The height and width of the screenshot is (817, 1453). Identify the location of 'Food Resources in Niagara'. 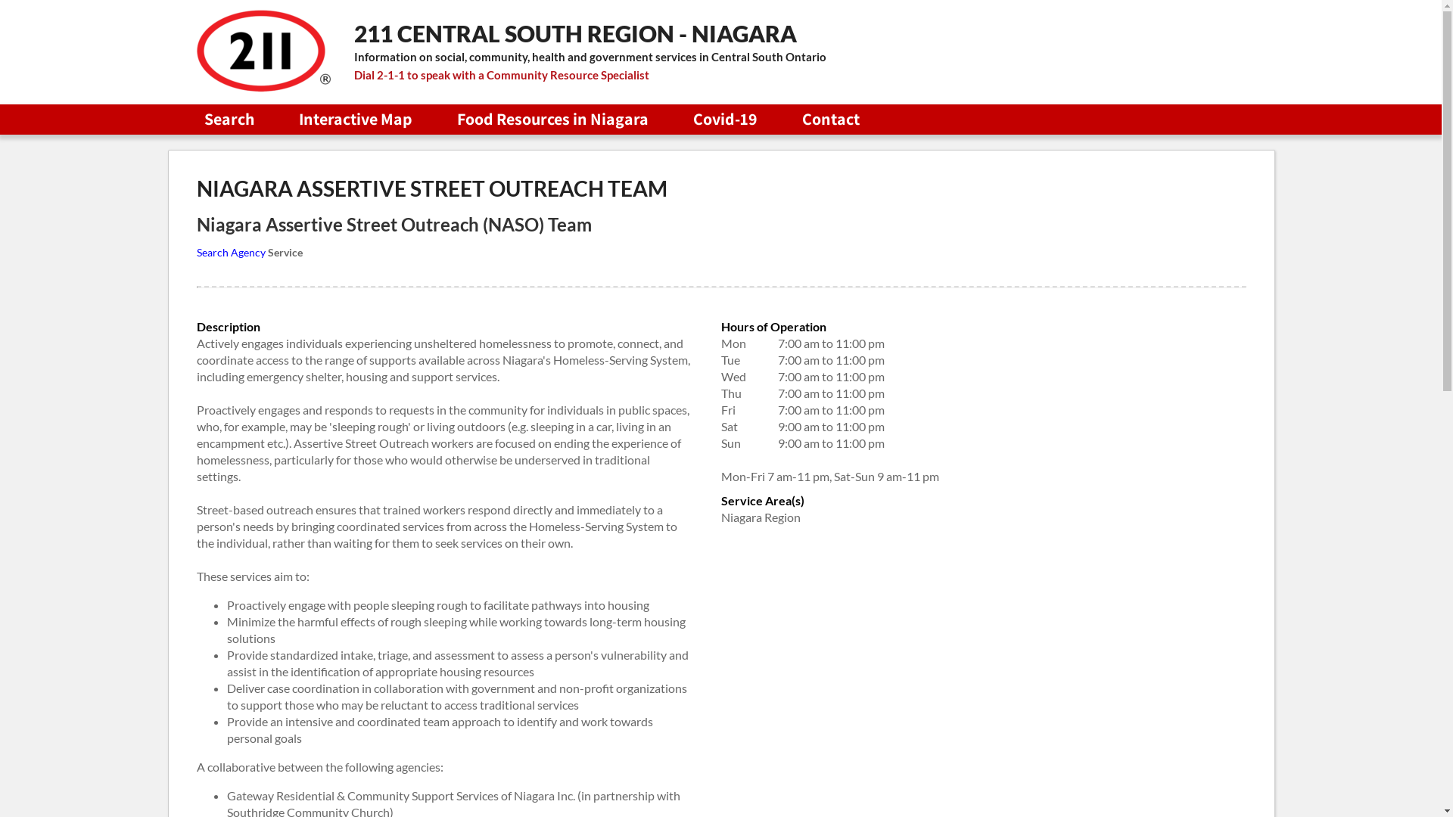
(552, 118).